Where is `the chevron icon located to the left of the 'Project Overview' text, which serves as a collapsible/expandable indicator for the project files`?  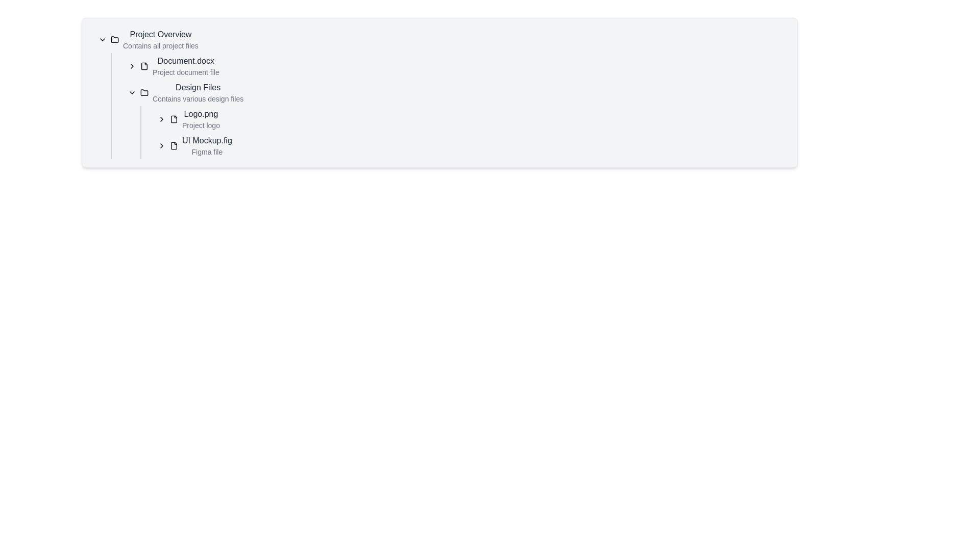
the chevron icon located to the left of the 'Project Overview' text, which serves as a collapsible/expandable indicator for the project files is located at coordinates (103, 39).